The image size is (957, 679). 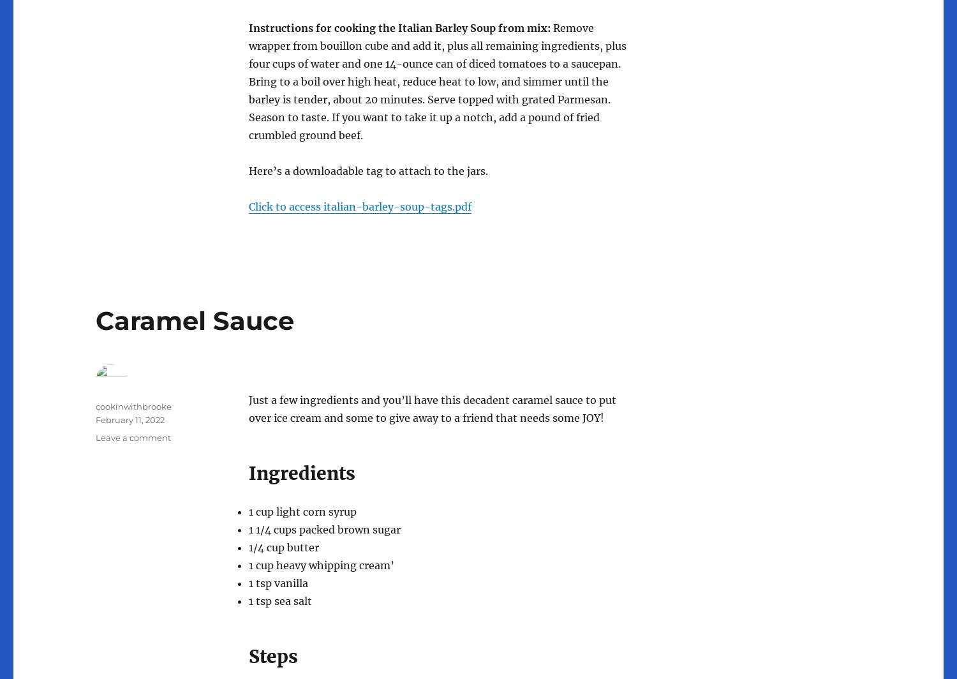 I want to click on 'Caramel Sauce', so click(x=195, y=320).